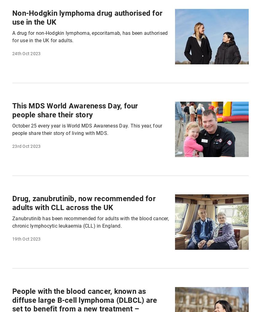 The width and height of the screenshot is (261, 312). Describe the element at coordinates (146, 8) in the screenshot. I see `'Forum'` at that location.